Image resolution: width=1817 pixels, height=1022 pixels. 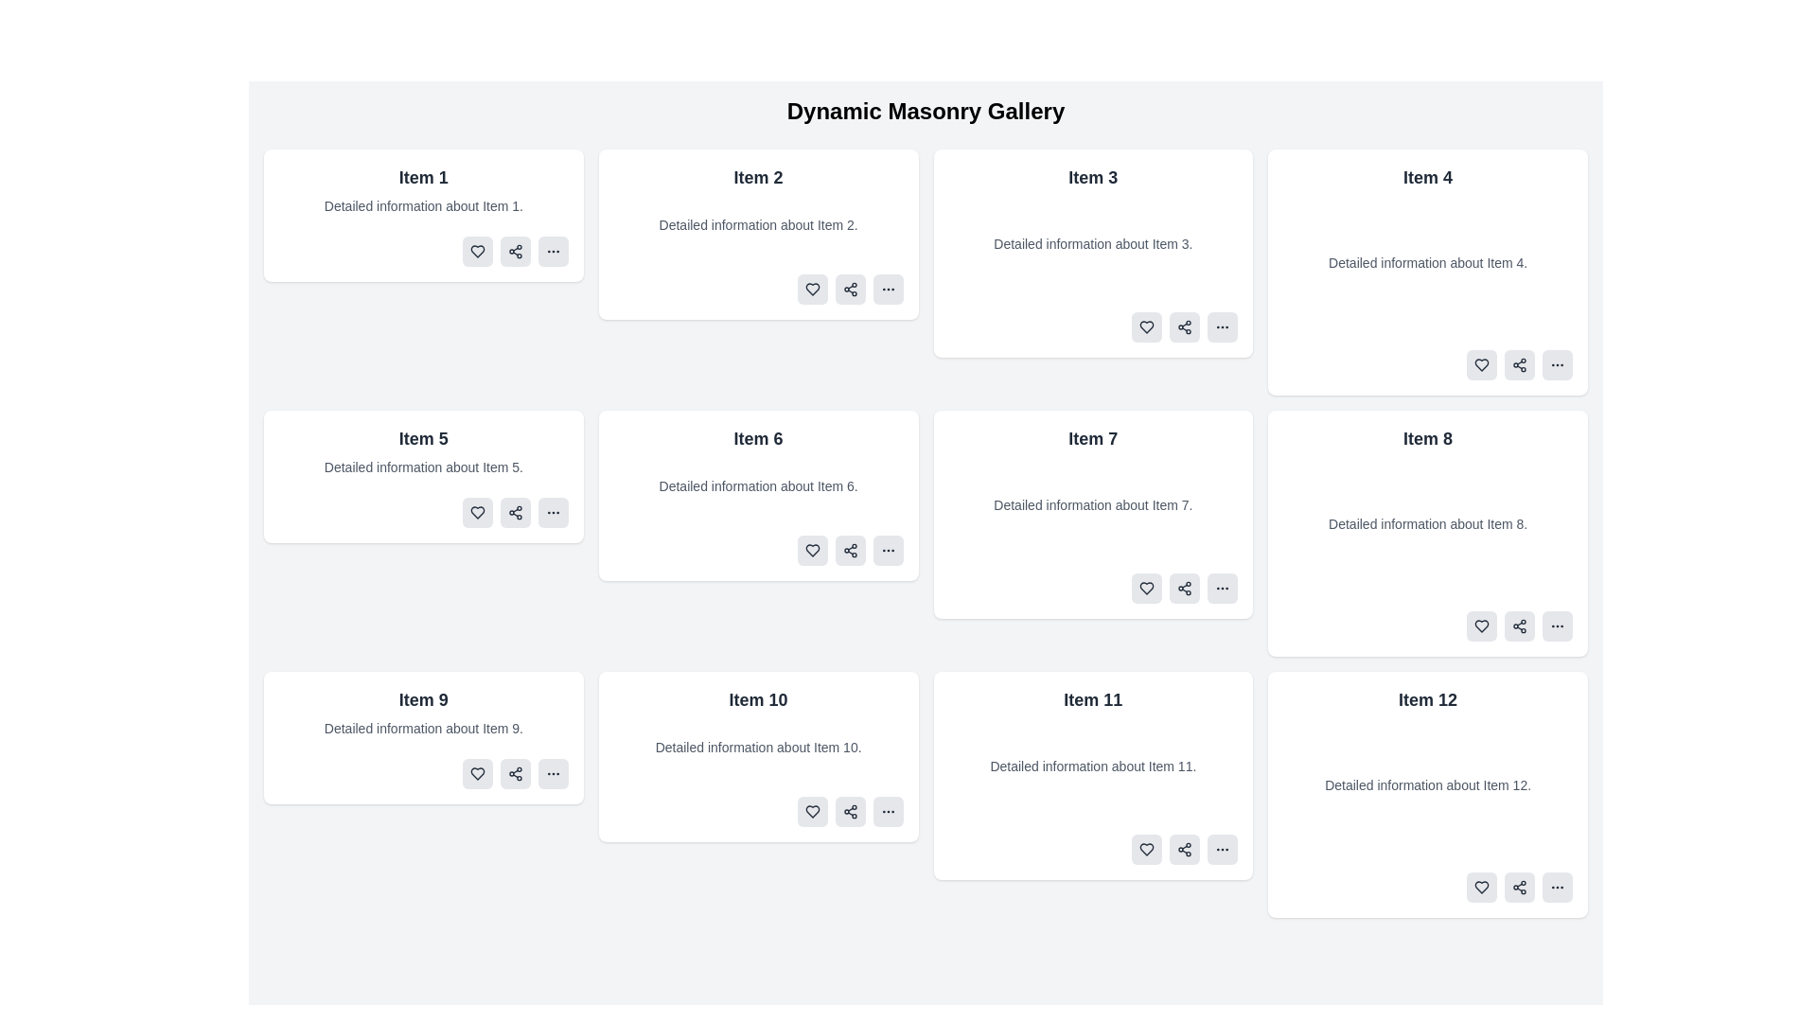 I want to click on the share icon located in the centered-rightmost position among the three interactive icons inside the 'Item 3' card to share the associated content, so click(x=1184, y=326).